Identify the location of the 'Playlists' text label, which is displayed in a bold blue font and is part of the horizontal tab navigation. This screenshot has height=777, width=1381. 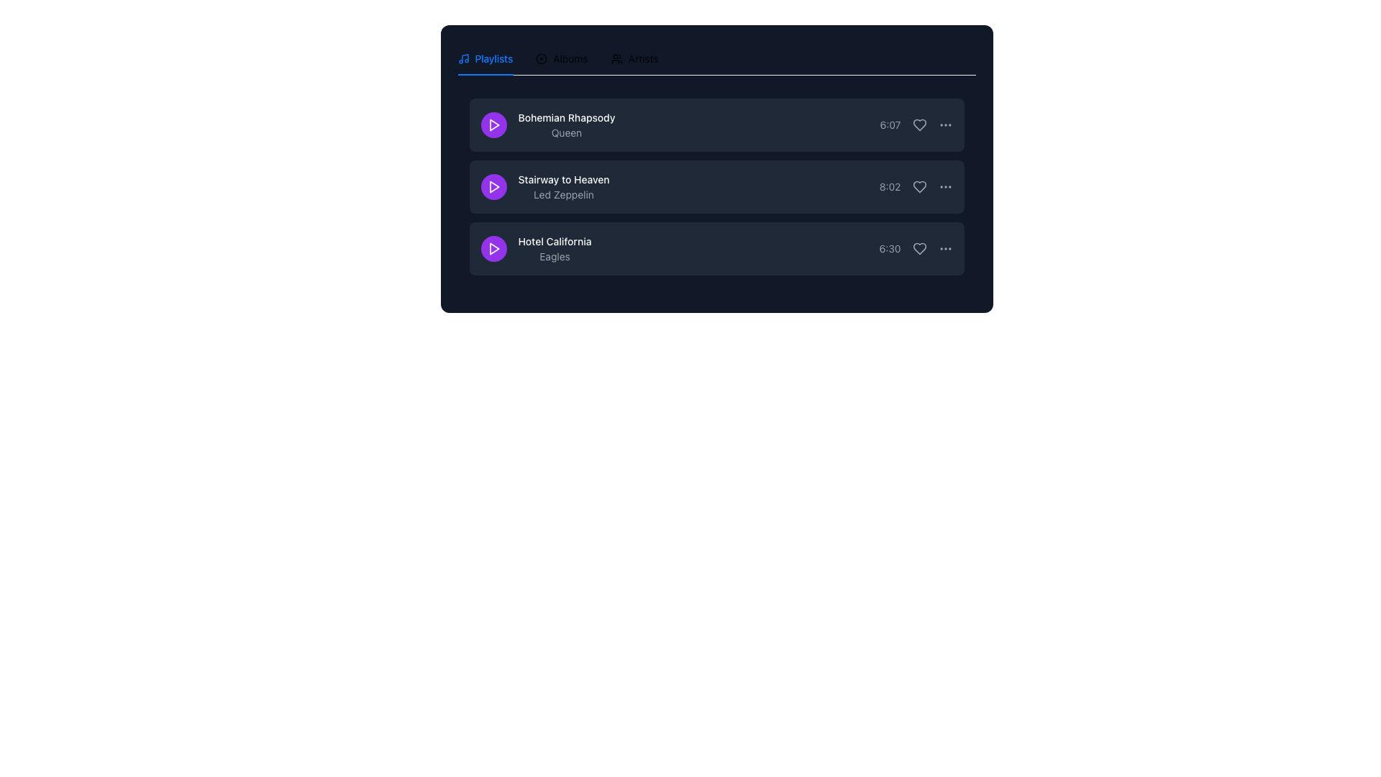
(493, 58).